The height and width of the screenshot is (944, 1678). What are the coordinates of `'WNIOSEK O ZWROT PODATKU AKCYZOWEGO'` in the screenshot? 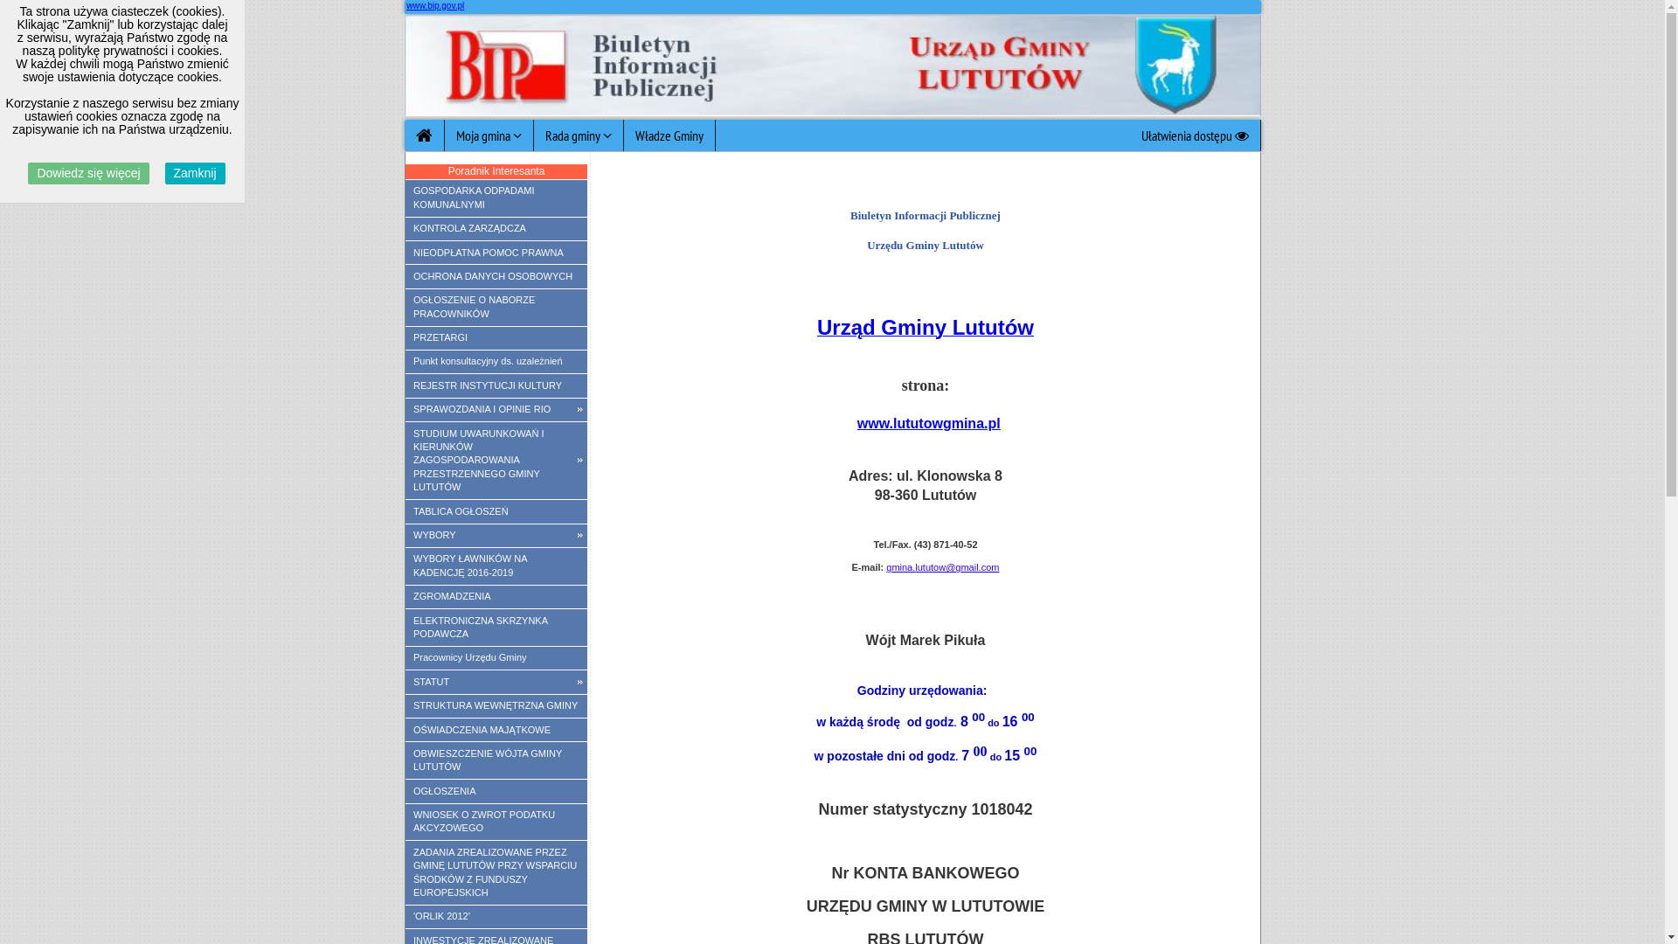 It's located at (405, 823).